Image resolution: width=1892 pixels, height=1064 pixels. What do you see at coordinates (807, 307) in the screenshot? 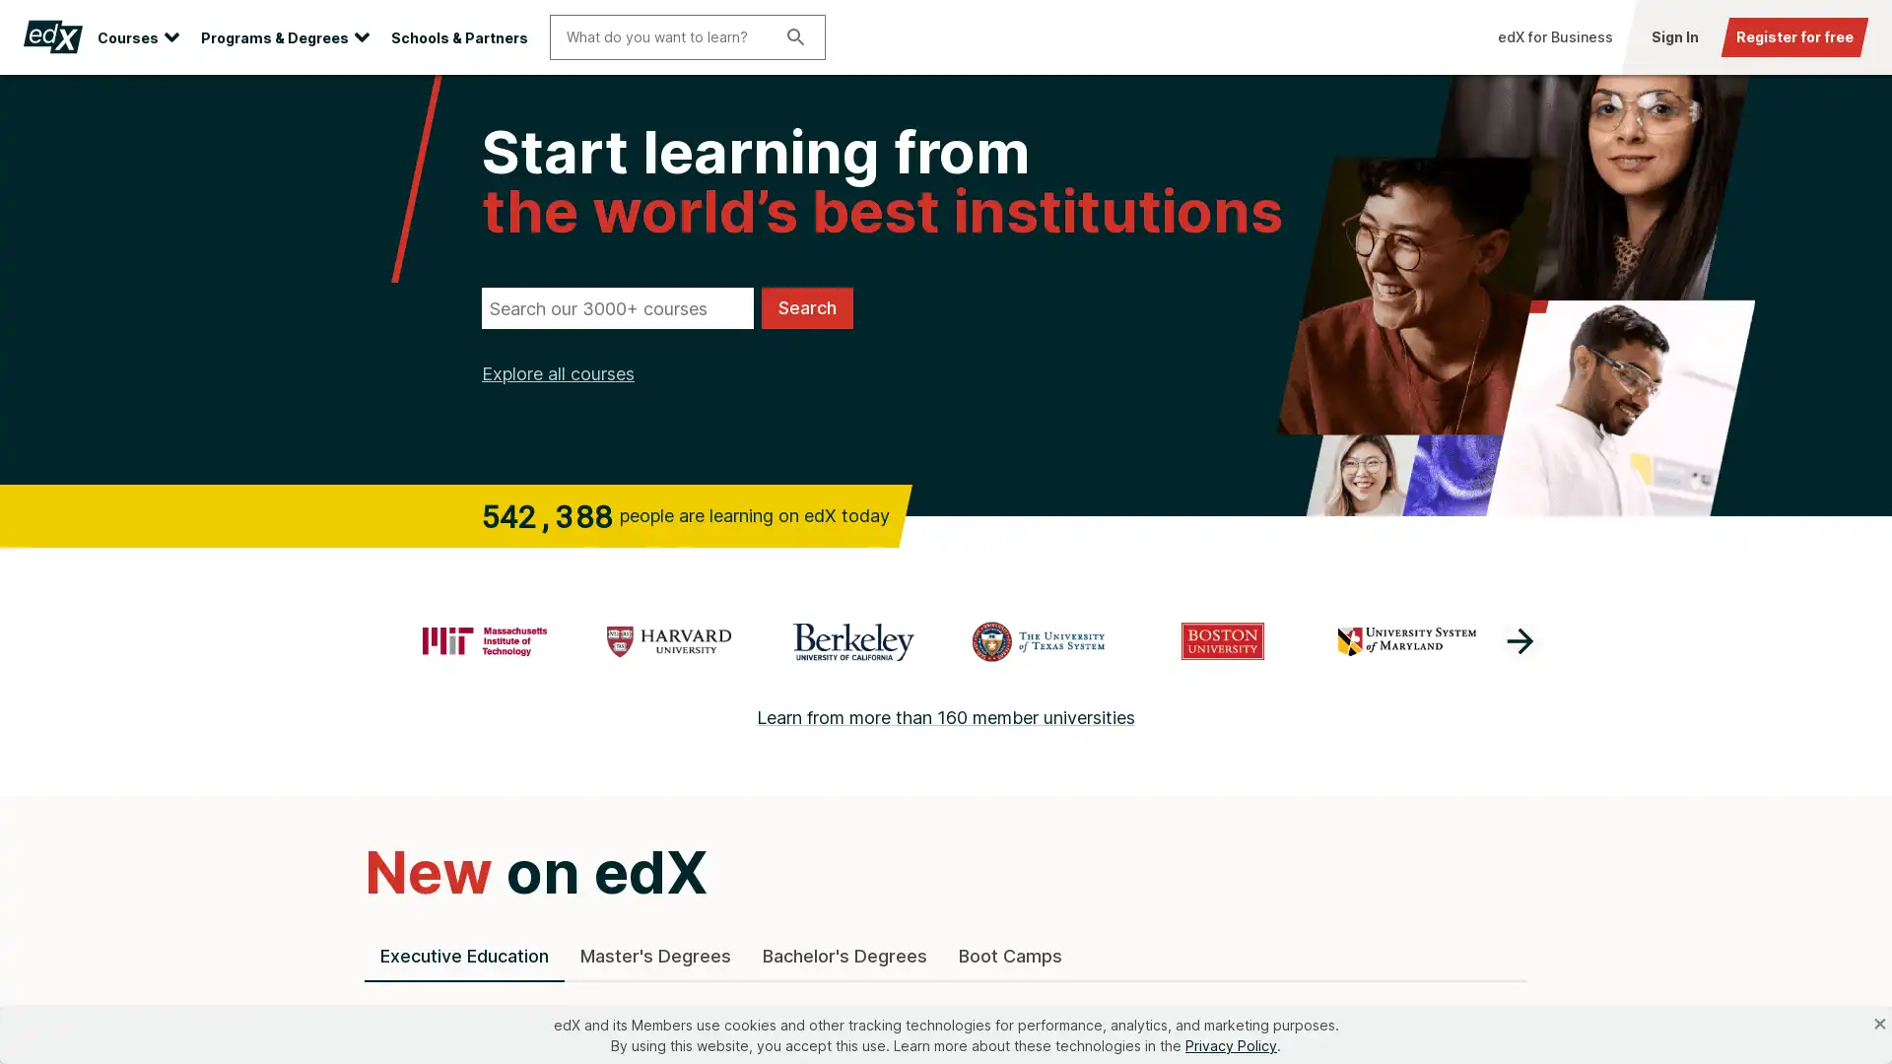
I see `Search` at bounding box center [807, 307].